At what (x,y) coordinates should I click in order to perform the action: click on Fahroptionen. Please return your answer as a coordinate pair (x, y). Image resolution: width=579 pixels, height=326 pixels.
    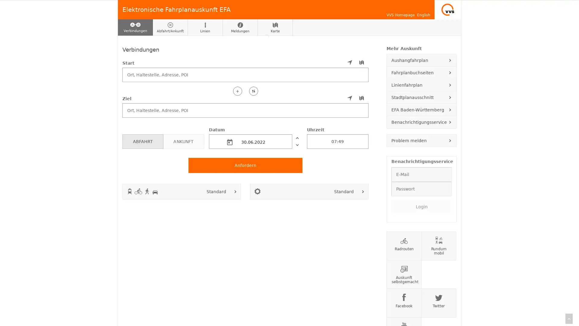
    Looking at the image, I should click on (363, 191).